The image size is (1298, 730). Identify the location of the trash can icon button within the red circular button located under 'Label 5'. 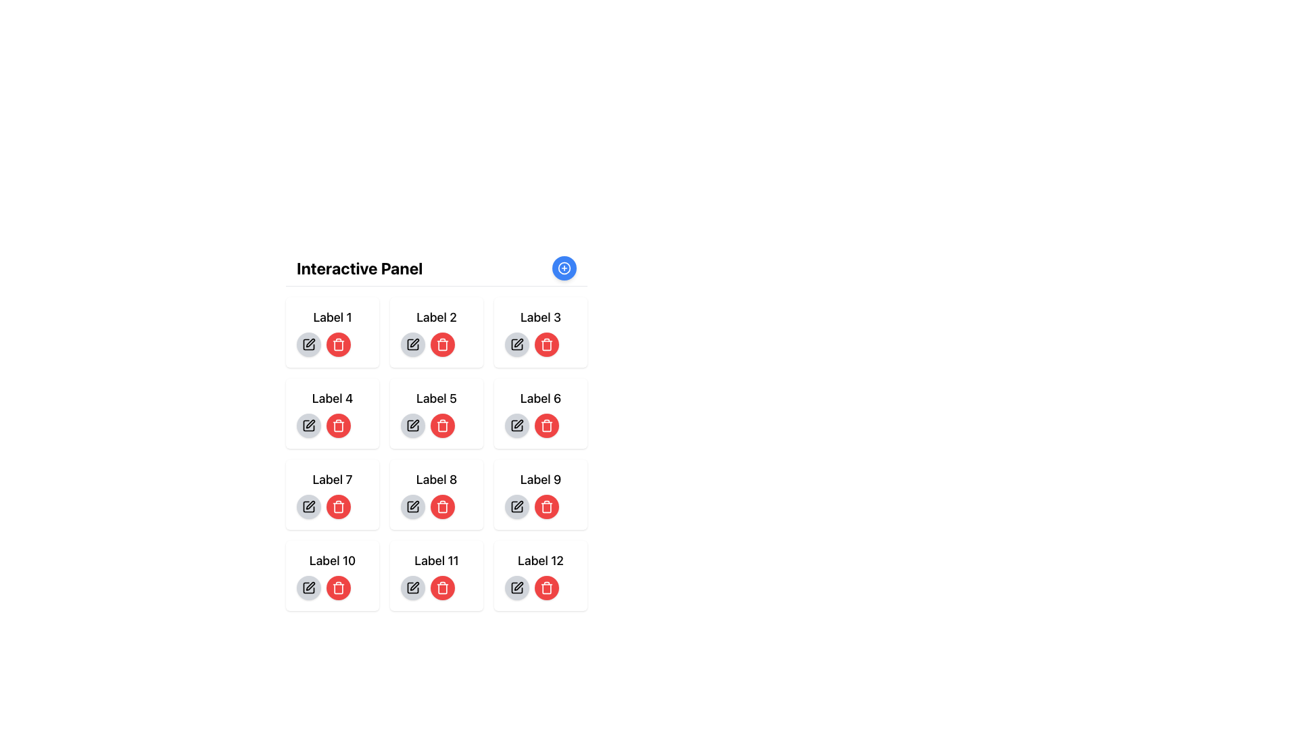
(442, 424).